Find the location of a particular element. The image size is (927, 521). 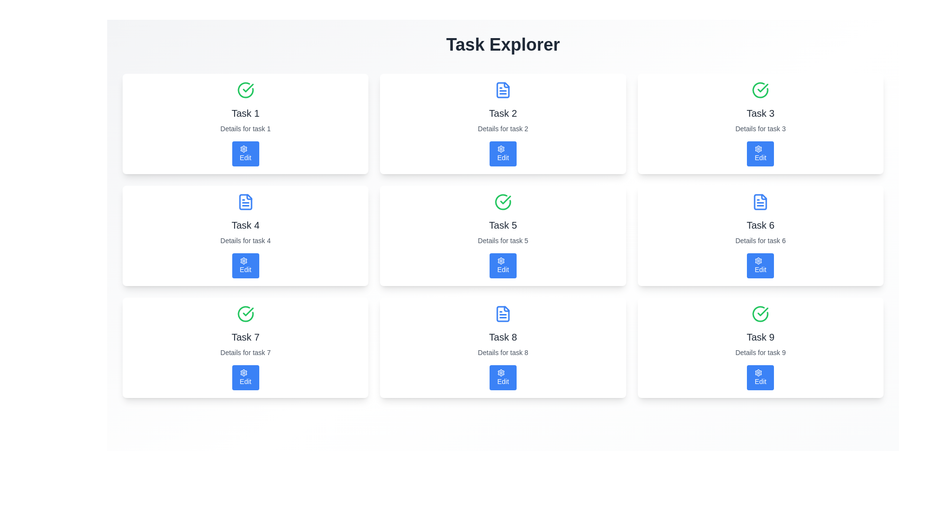

the 'Edit Task 3' button located at the bottom part of the card for 'Task 3' is located at coordinates (760, 153).